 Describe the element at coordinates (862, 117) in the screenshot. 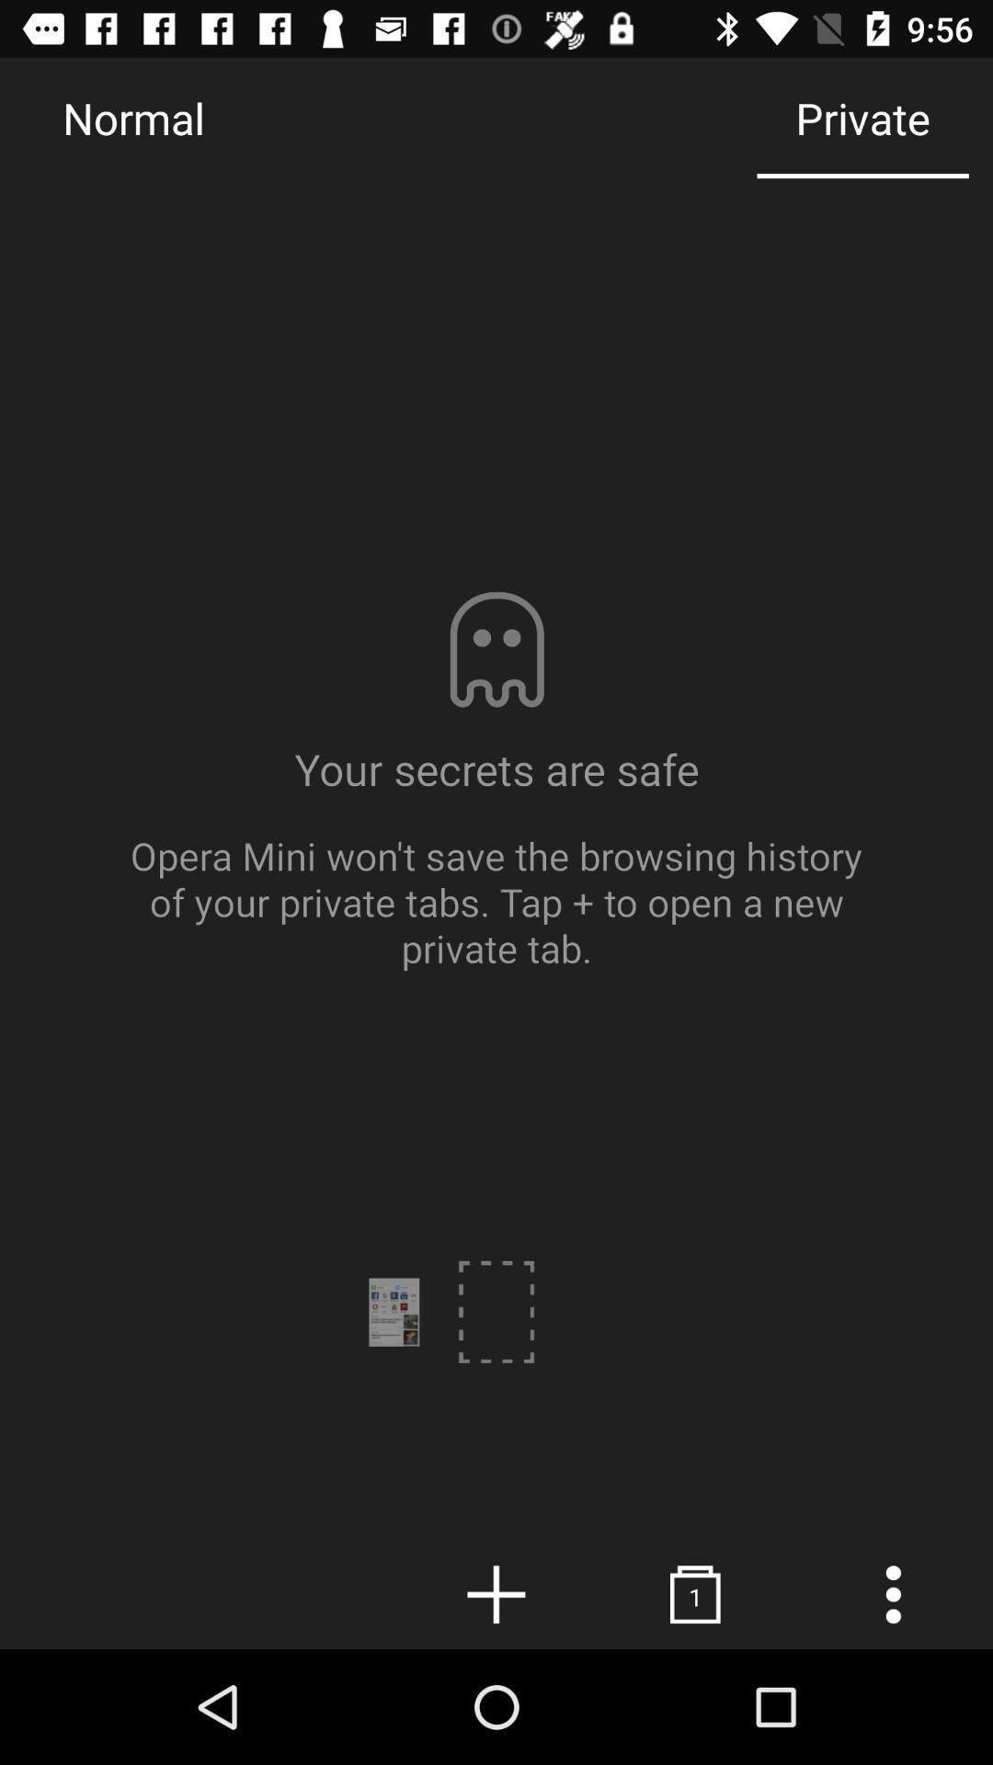

I see `the icon next to the normal item` at that location.